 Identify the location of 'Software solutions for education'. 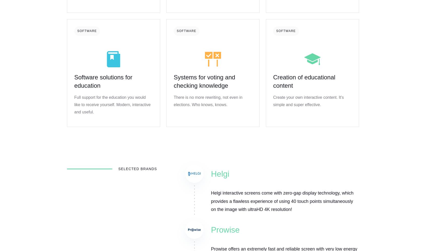
(103, 81).